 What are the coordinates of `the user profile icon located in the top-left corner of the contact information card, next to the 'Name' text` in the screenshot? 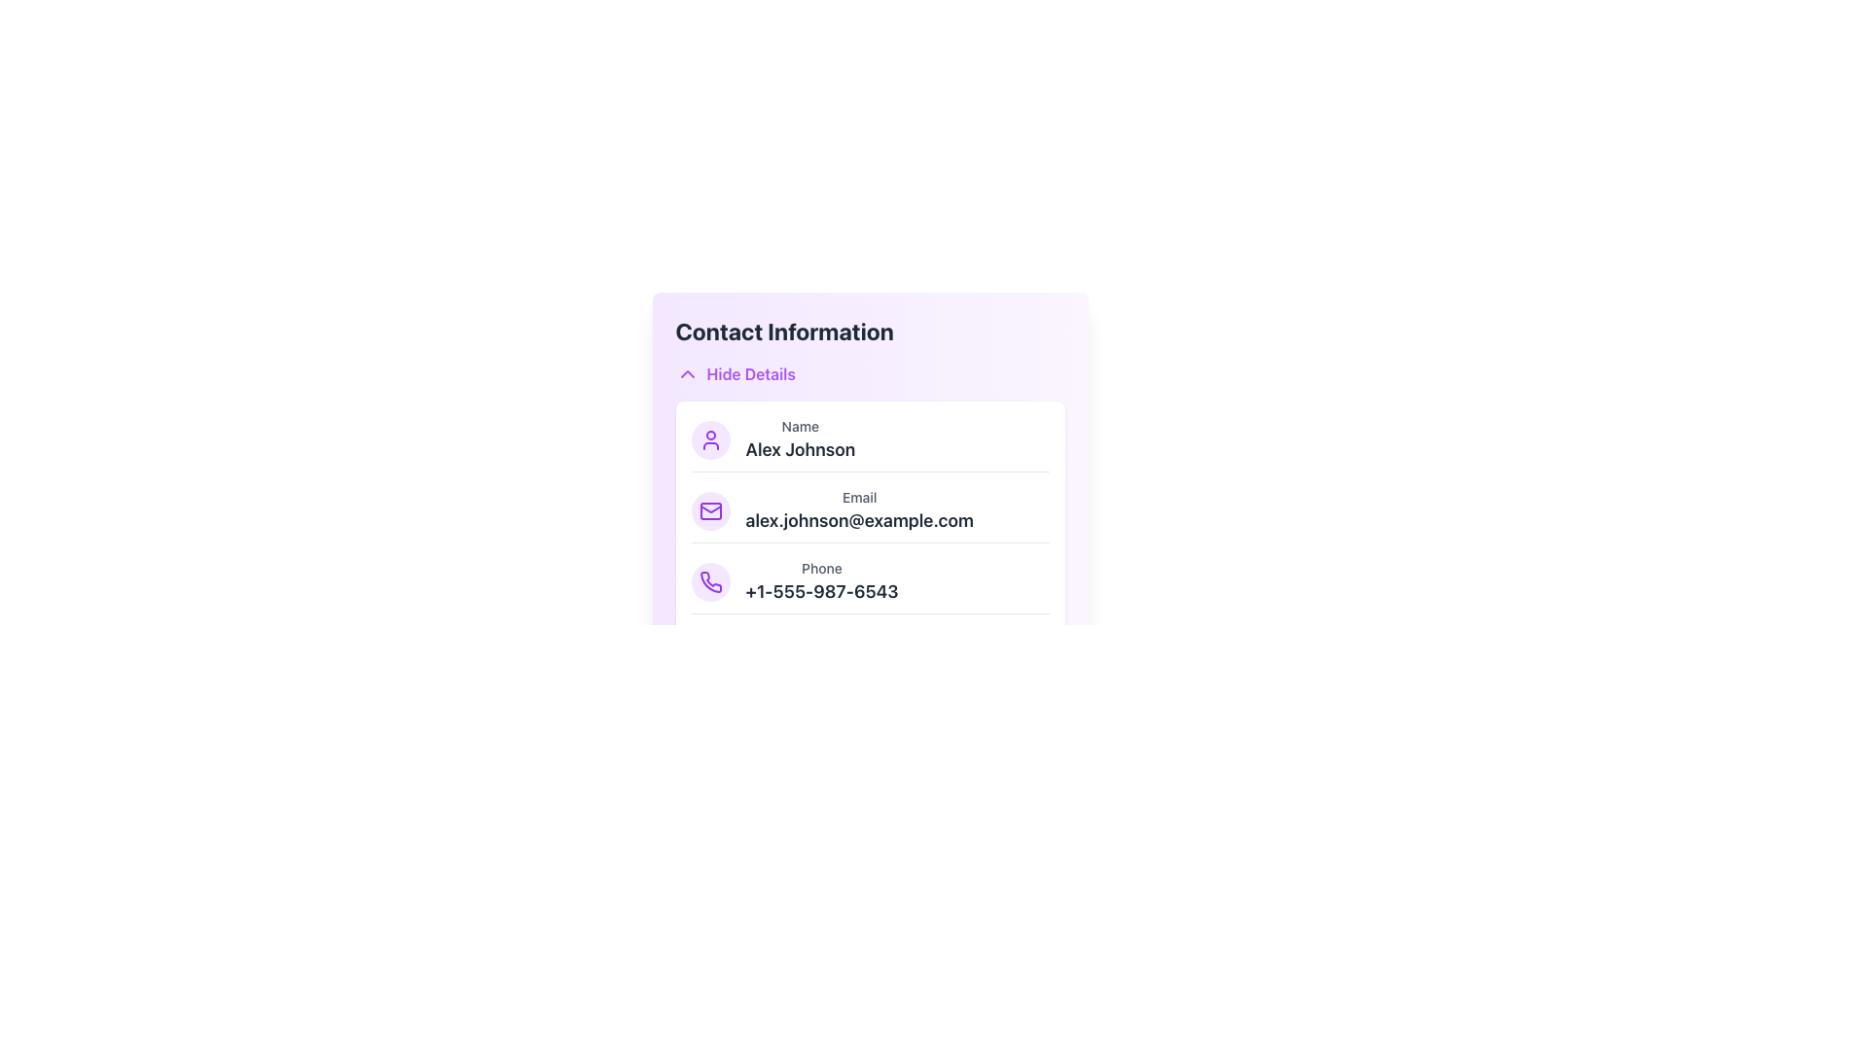 It's located at (709, 439).